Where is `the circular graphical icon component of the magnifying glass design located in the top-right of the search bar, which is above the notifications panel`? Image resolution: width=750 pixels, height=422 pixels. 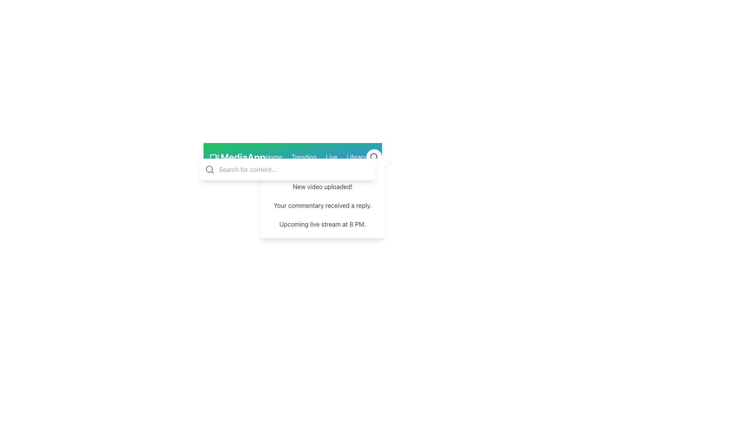 the circular graphical icon component of the magnifying glass design located in the top-right of the search bar, which is above the notifications panel is located at coordinates (373, 157).